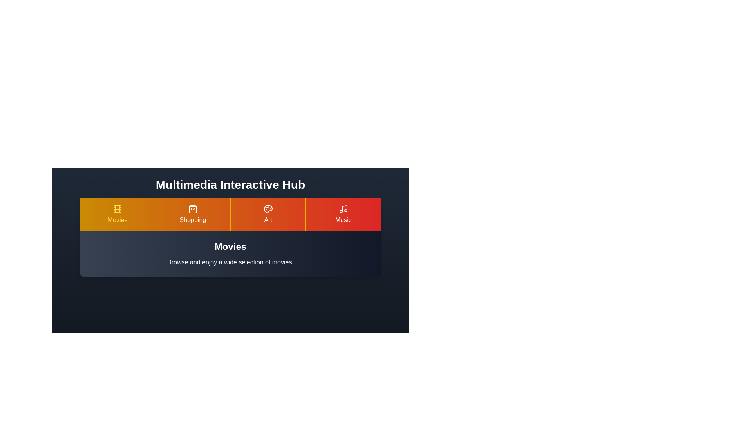  I want to click on the Music tab to explore its content, so click(343, 214).